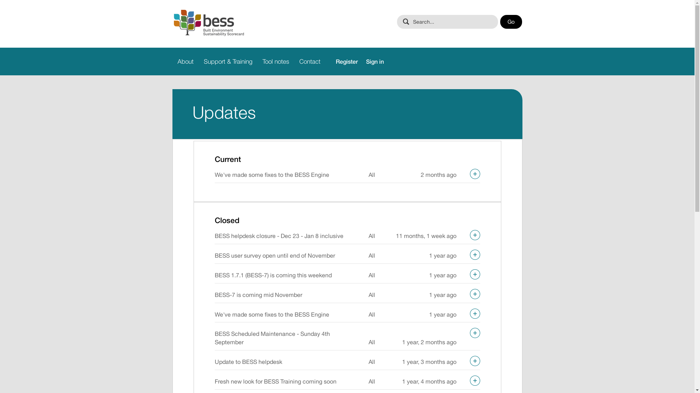  What do you see at coordinates (474, 380) in the screenshot?
I see `'Expand'` at bounding box center [474, 380].